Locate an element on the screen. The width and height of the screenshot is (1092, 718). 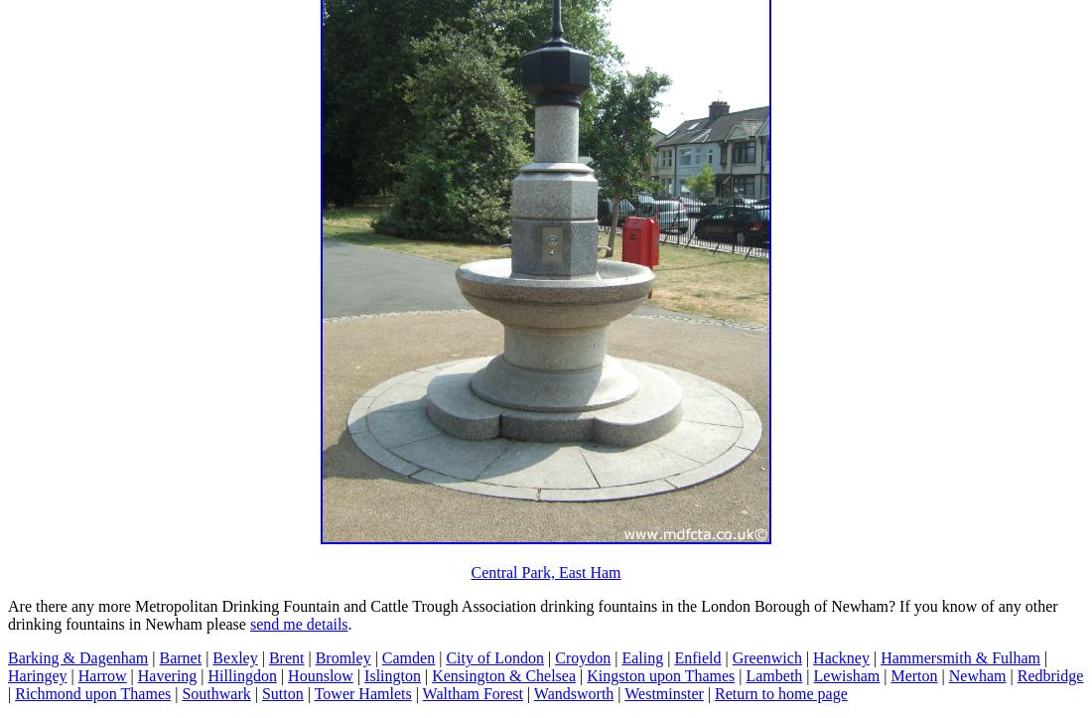
'.' is located at coordinates (347, 623).